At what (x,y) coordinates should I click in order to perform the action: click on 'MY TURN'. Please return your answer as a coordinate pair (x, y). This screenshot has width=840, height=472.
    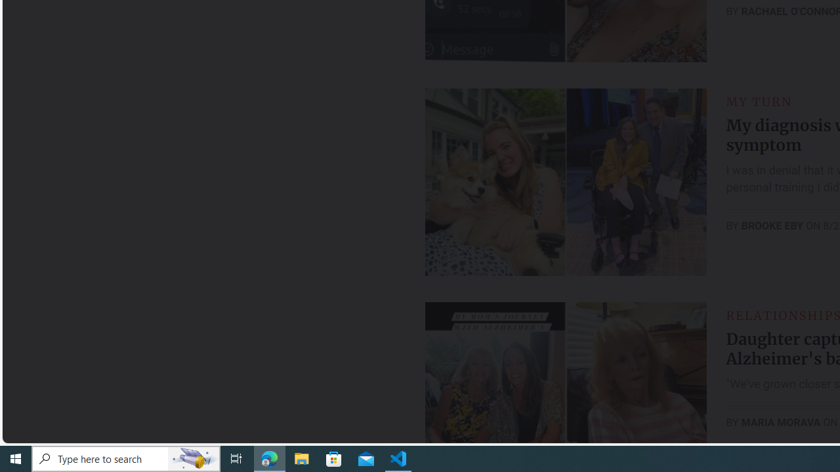
    Looking at the image, I should click on (759, 101).